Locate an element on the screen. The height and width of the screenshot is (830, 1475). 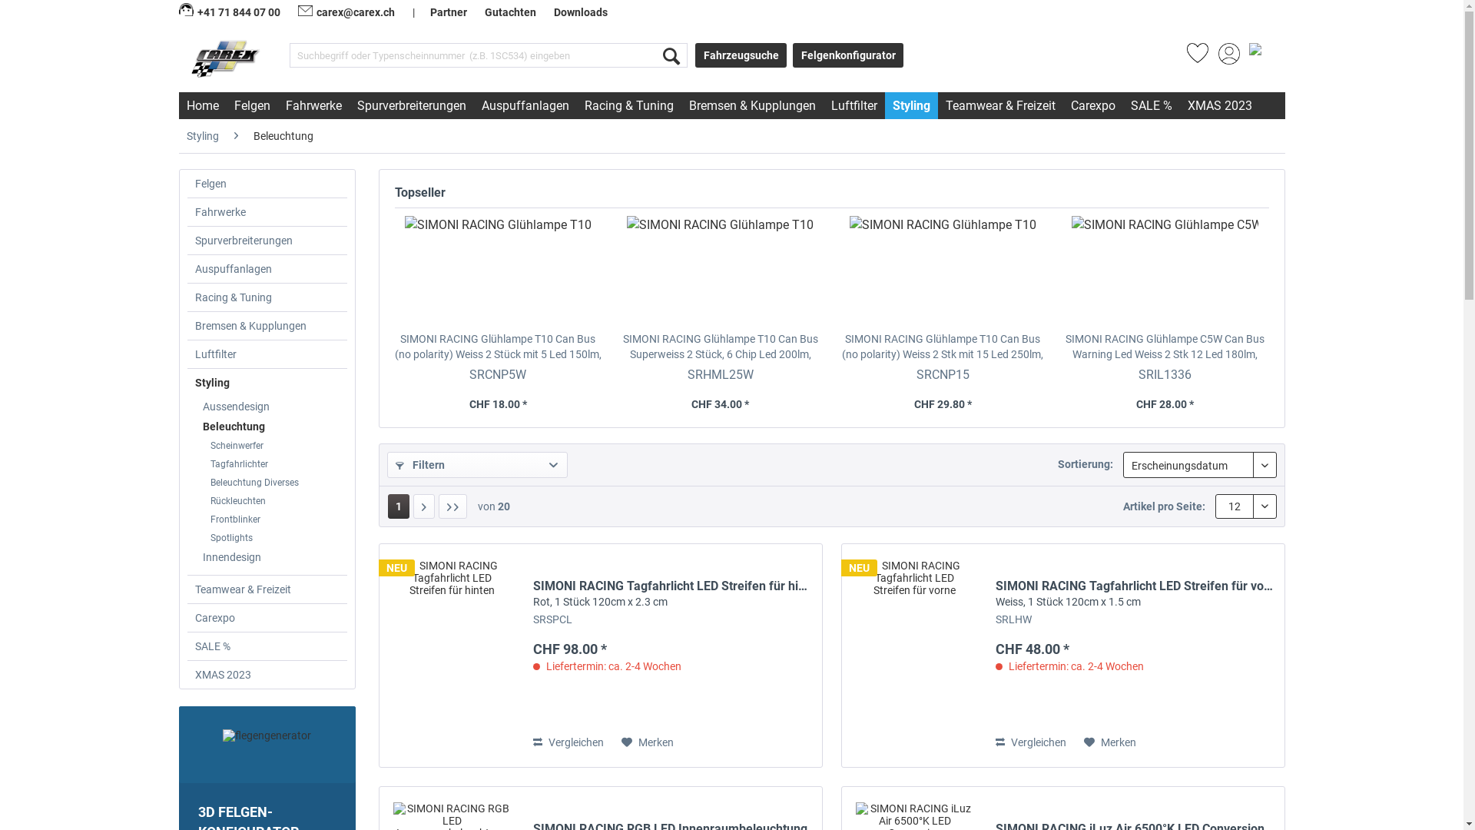
'Auspuffanlagen' is located at coordinates (524, 105).